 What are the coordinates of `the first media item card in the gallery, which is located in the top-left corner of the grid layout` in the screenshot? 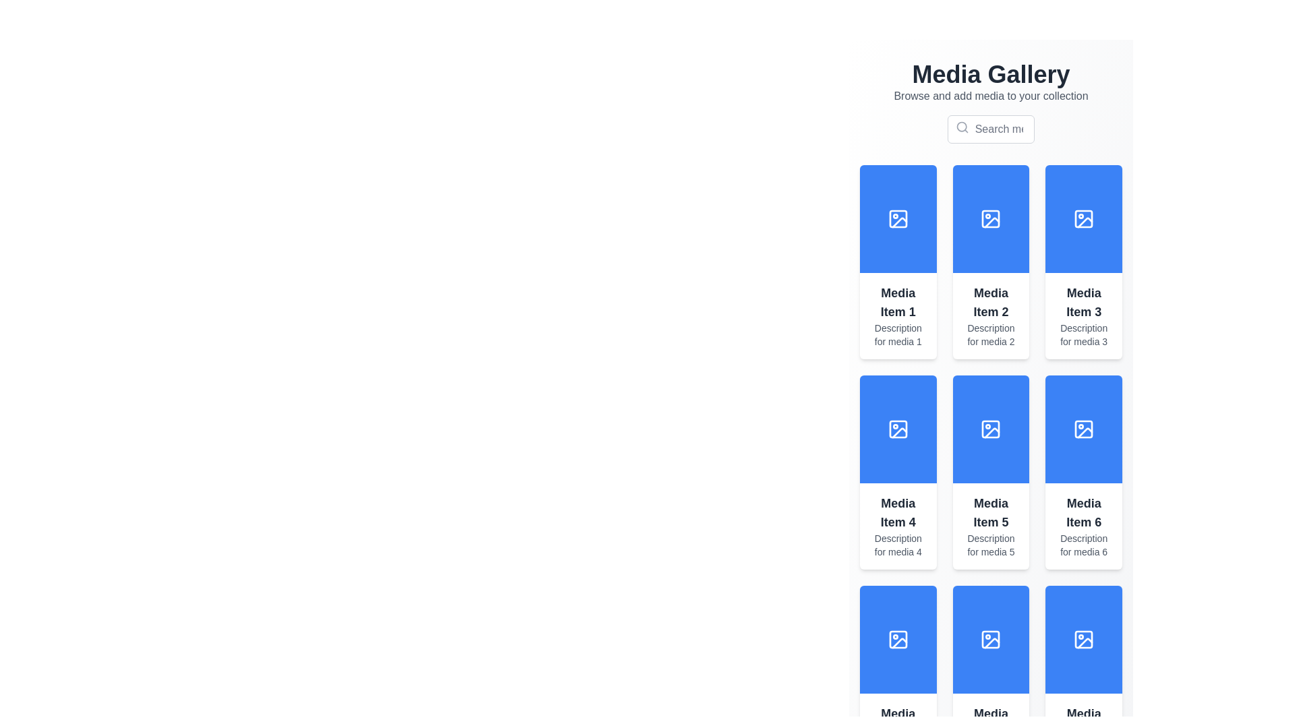 It's located at (898, 262).